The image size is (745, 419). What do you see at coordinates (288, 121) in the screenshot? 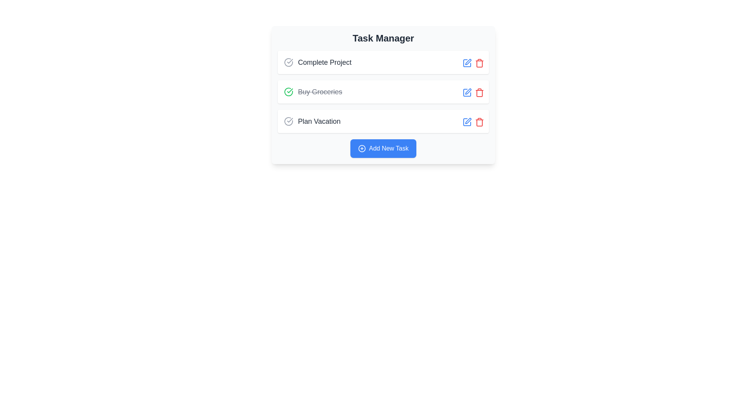
I see `the visual indicator icon for the 'Plan Vacation' task located in the third row of task items` at bounding box center [288, 121].